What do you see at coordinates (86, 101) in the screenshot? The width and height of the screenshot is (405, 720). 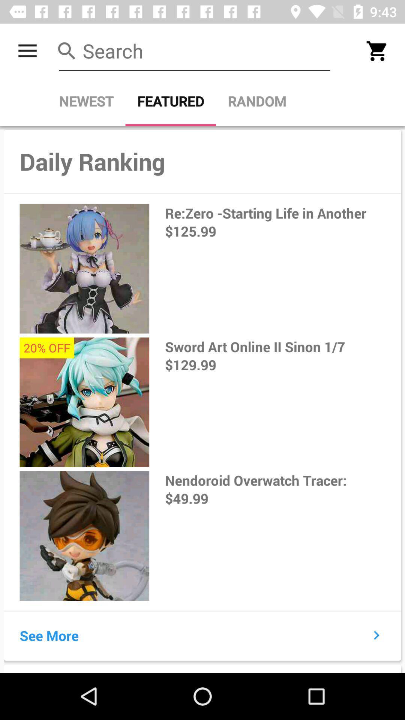 I see `newest item` at bounding box center [86, 101].